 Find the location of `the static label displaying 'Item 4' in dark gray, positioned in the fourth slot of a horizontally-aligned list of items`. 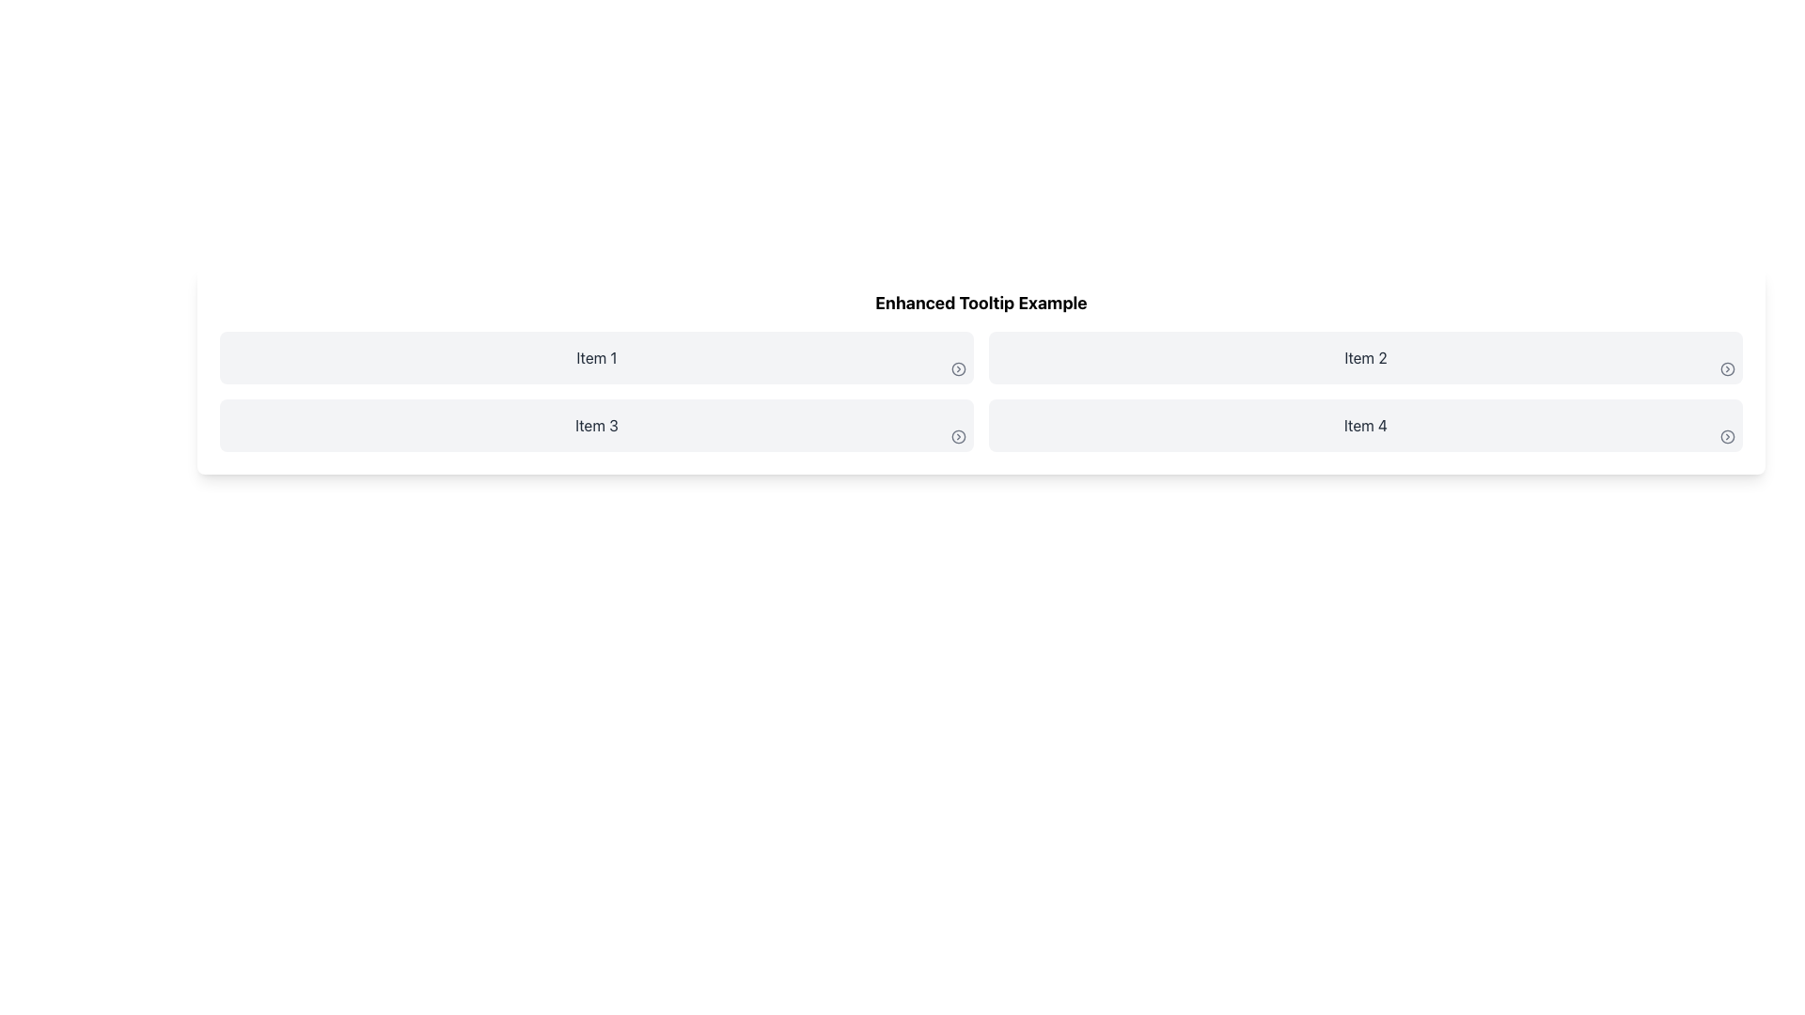

the static label displaying 'Item 4' in dark gray, positioned in the fourth slot of a horizontally-aligned list of items is located at coordinates (1366, 425).